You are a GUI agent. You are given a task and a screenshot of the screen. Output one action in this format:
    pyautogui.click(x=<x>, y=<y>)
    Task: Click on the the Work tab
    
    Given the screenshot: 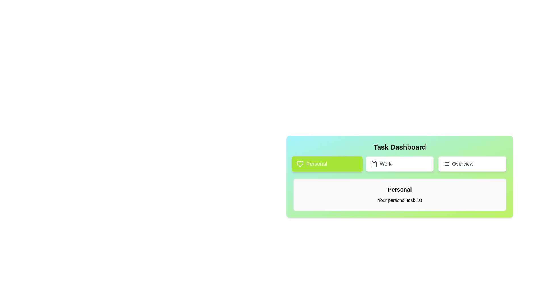 What is the action you would take?
    pyautogui.click(x=399, y=164)
    